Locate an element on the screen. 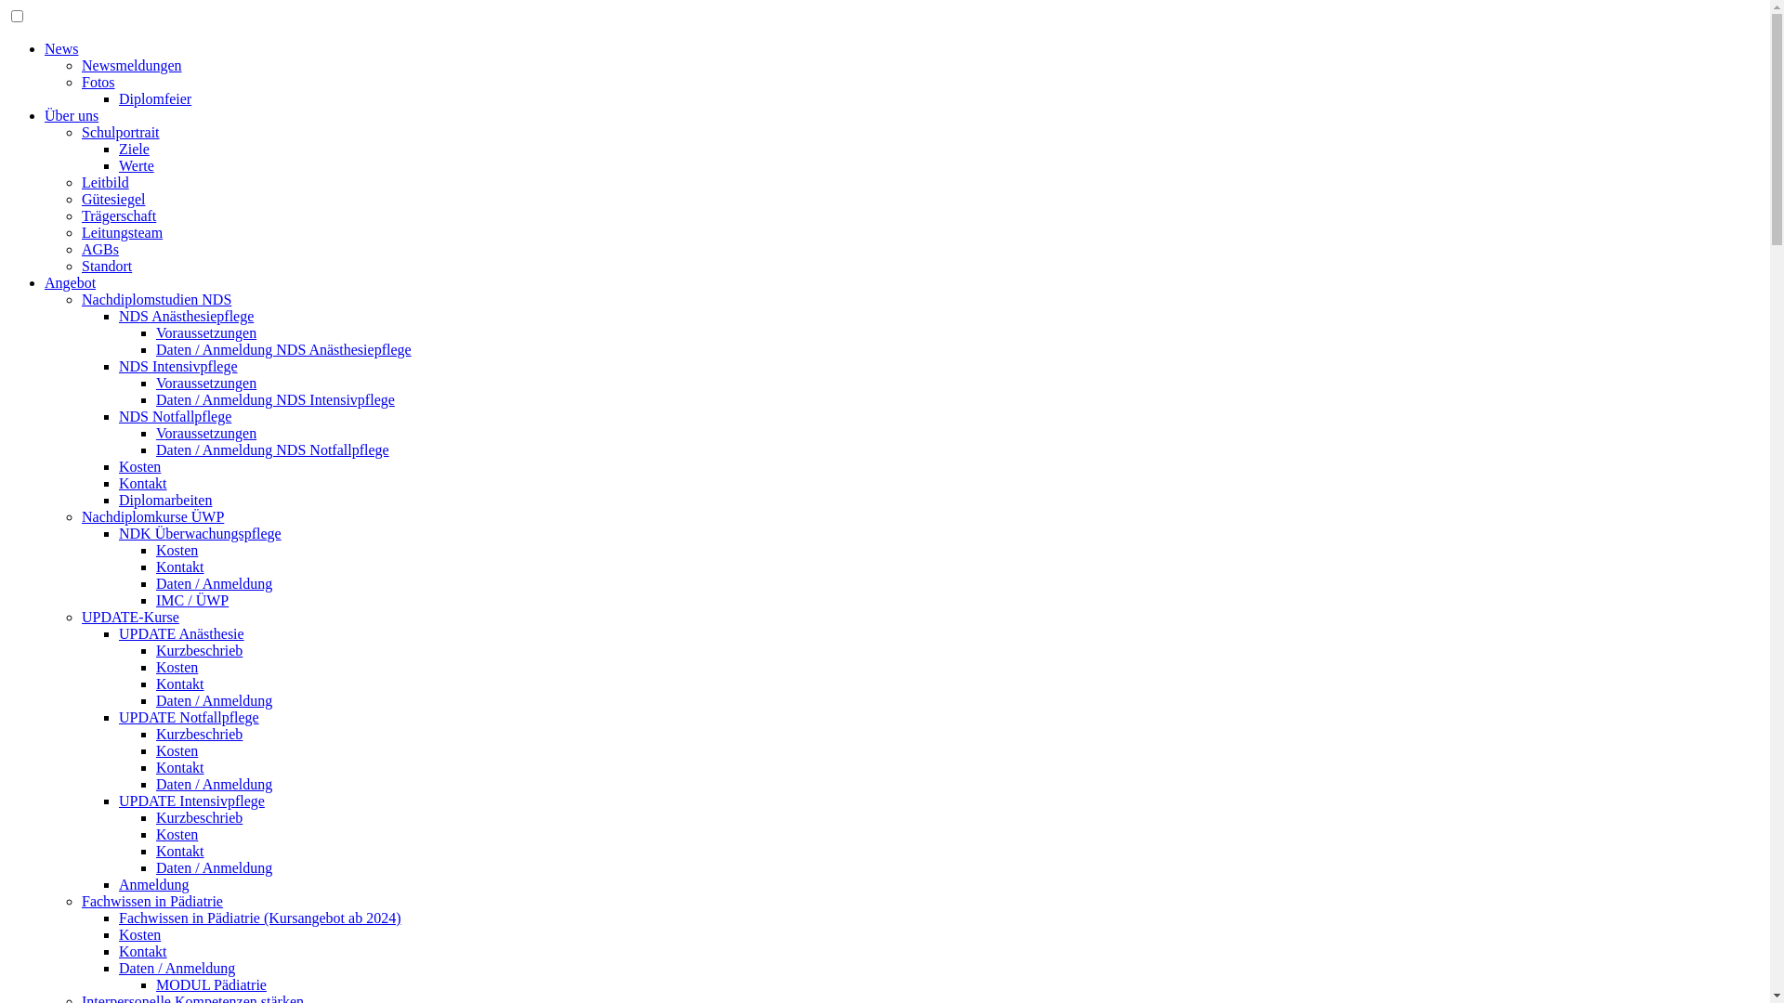 The image size is (1784, 1003). 'Kosten' is located at coordinates (177, 666).